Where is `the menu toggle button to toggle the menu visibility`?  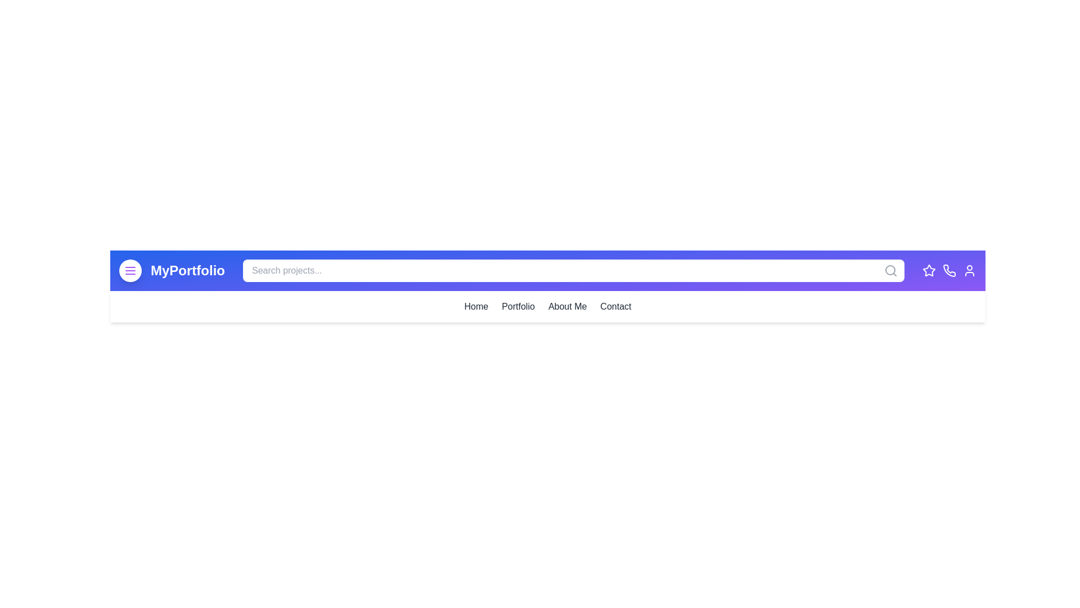 the menu toggle button to toggle the menu visibility is located at coordinates (130, 271).